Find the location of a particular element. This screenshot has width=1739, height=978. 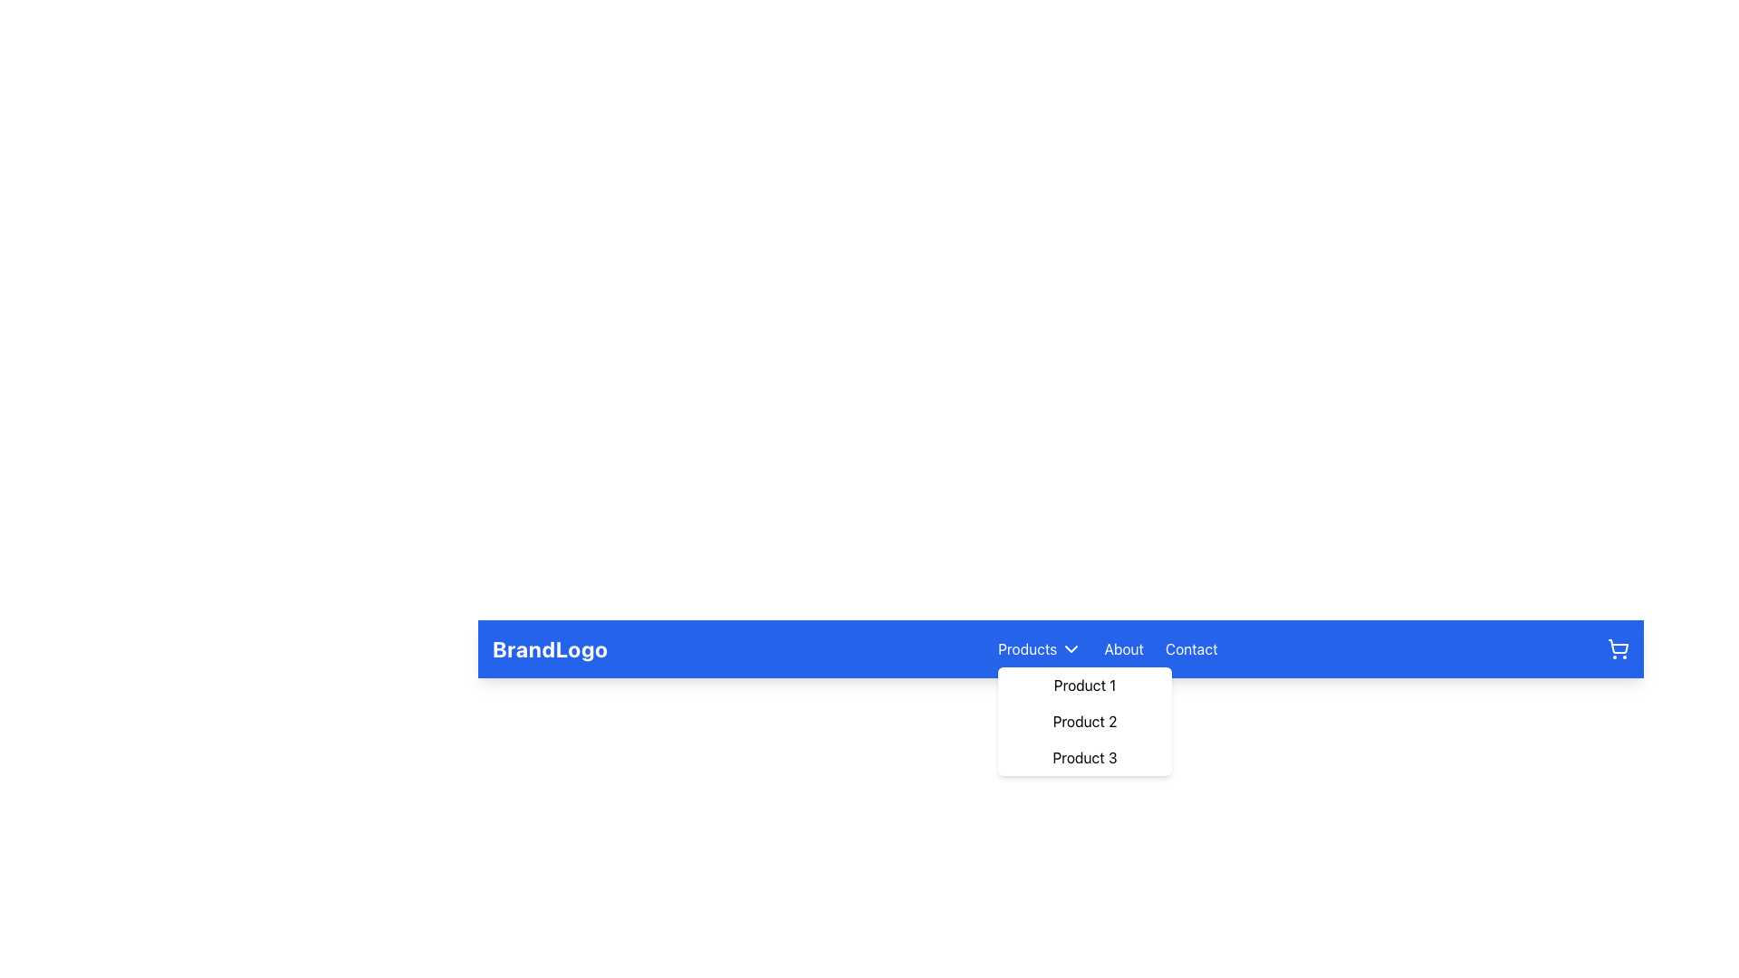

the dropdown list item labeled 'Product 2' to activate its hover styling effect is located at coordinates (1085, 721).